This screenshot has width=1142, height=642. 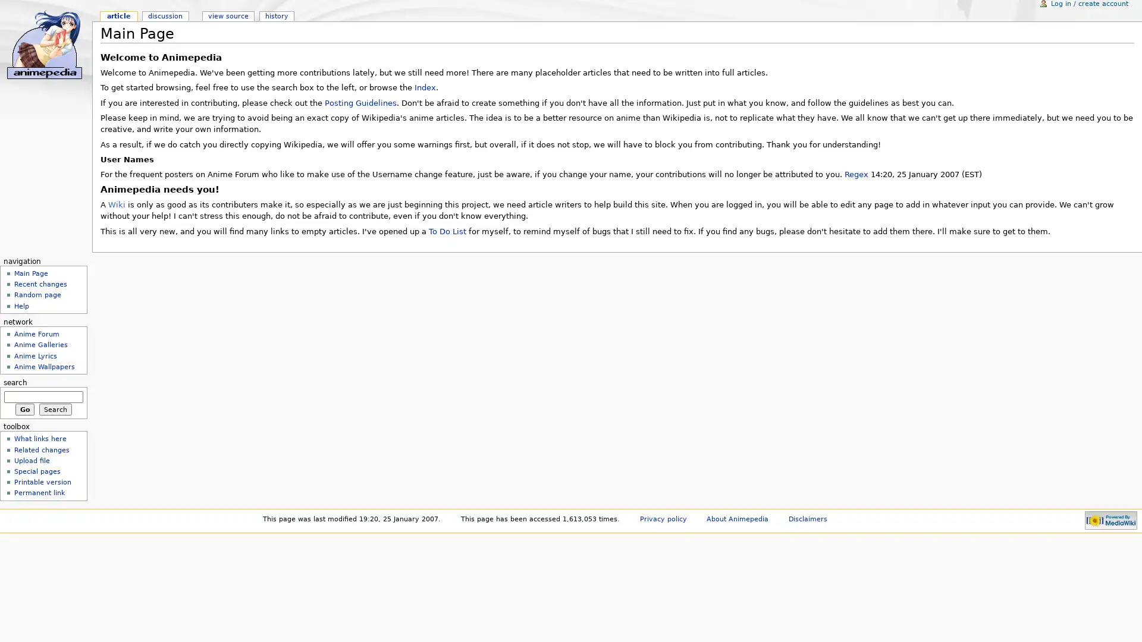 I want to click on Search, so click(x=55, y=408).